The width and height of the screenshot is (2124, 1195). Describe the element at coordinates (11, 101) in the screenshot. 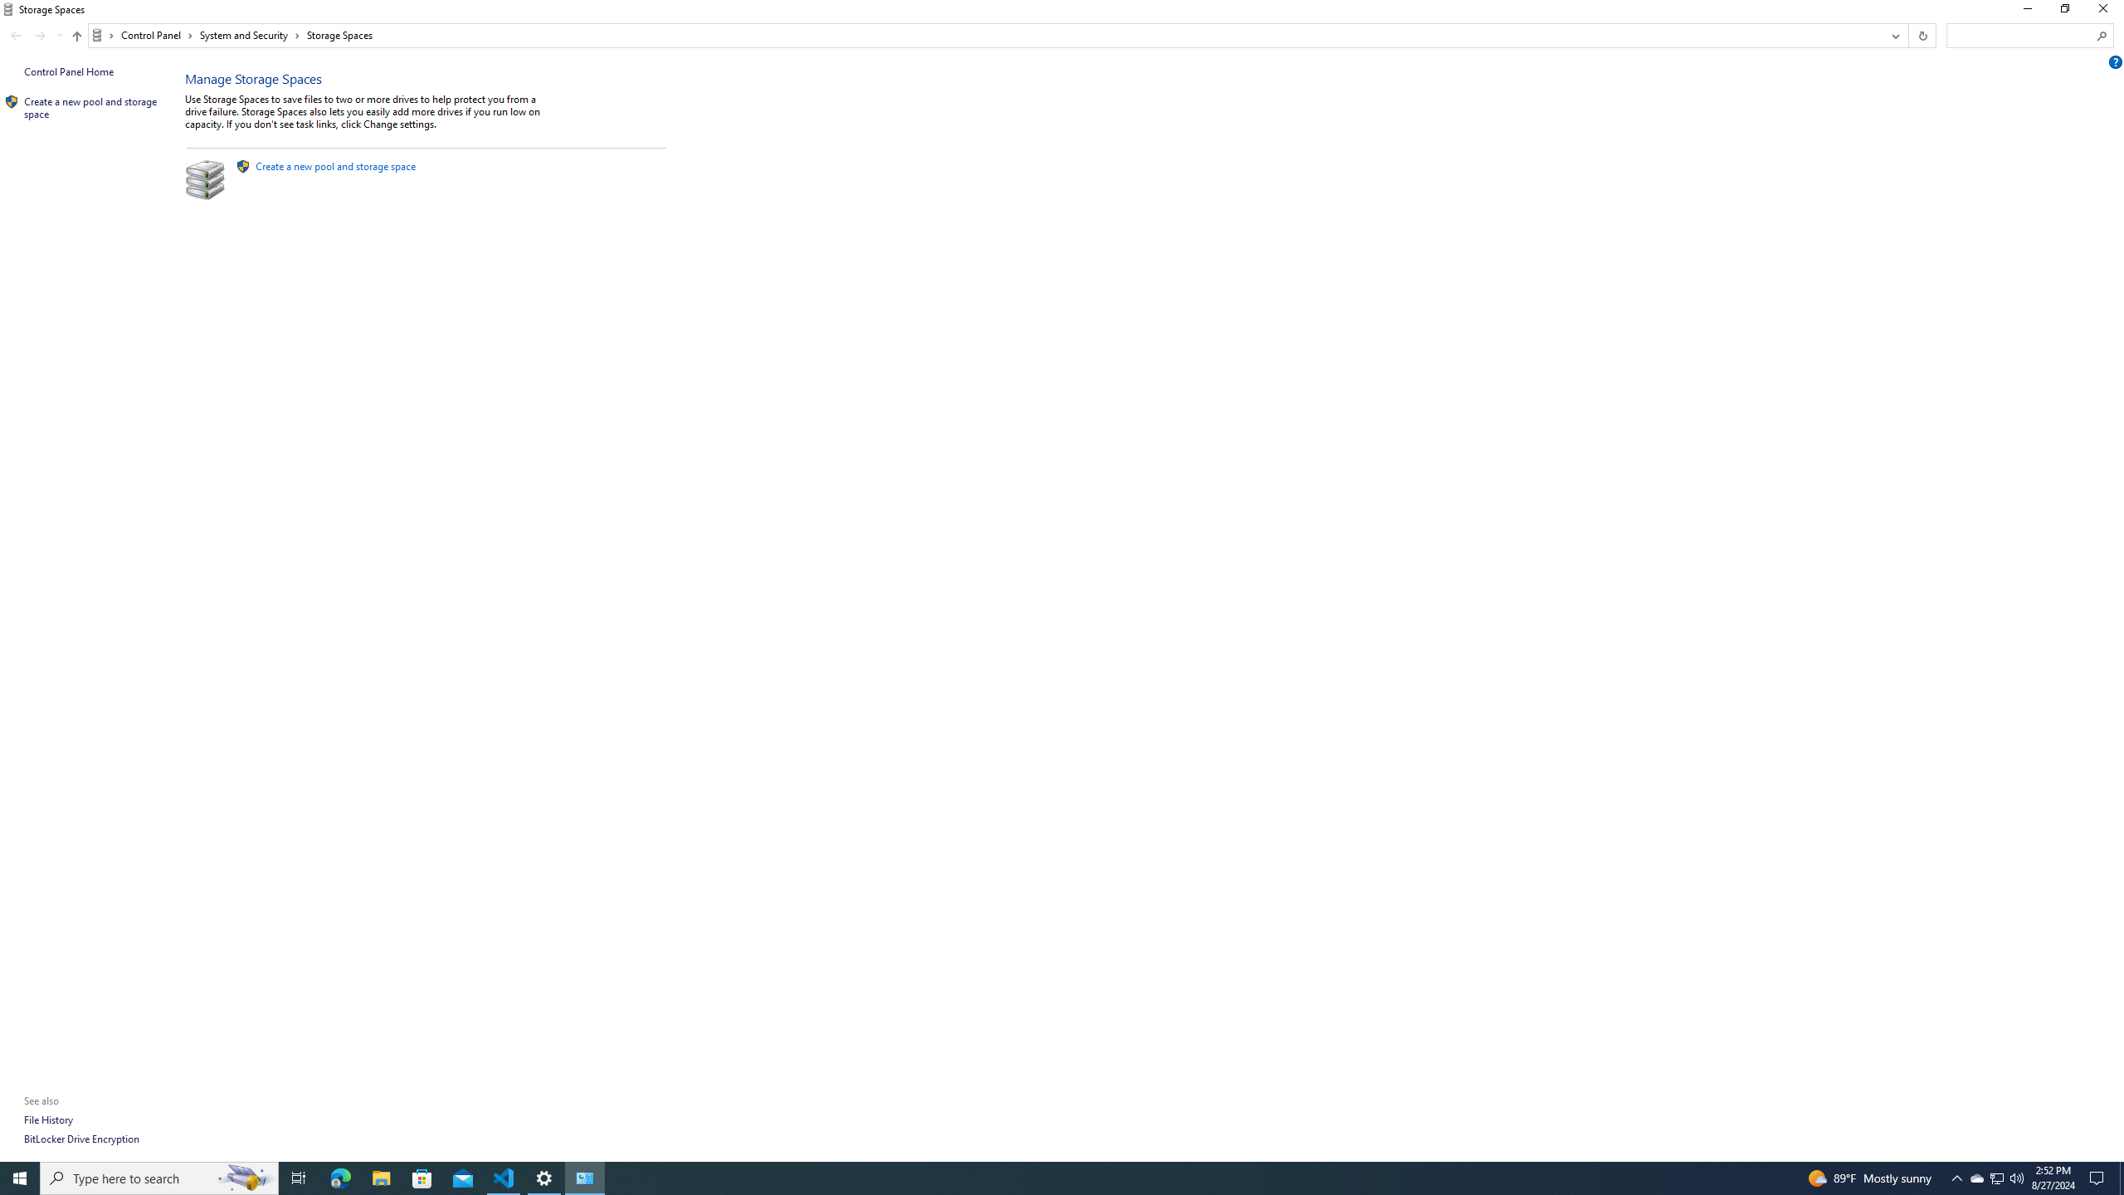

I see `'Icon'` at that location.